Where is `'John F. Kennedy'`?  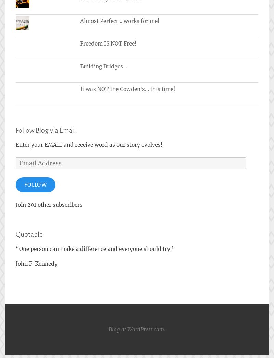
'John F. Kennedy' is located at coordinates (36, 263).